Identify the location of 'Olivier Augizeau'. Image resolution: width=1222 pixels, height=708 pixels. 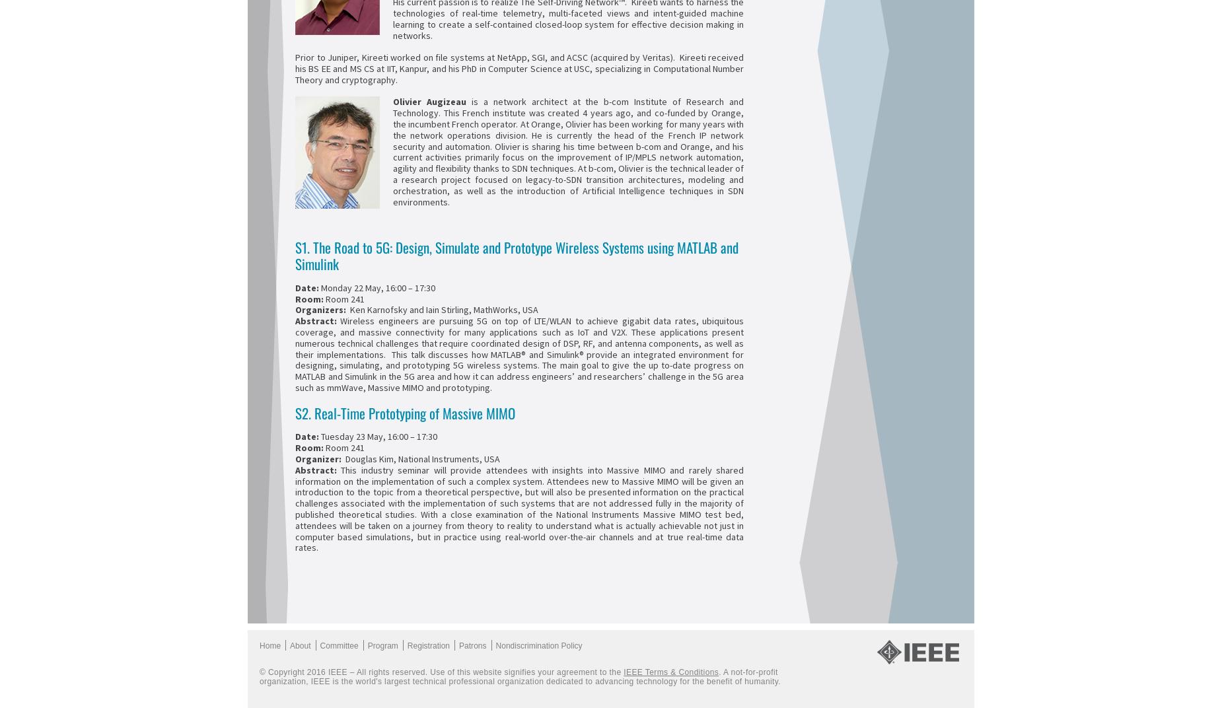
(431, 101).